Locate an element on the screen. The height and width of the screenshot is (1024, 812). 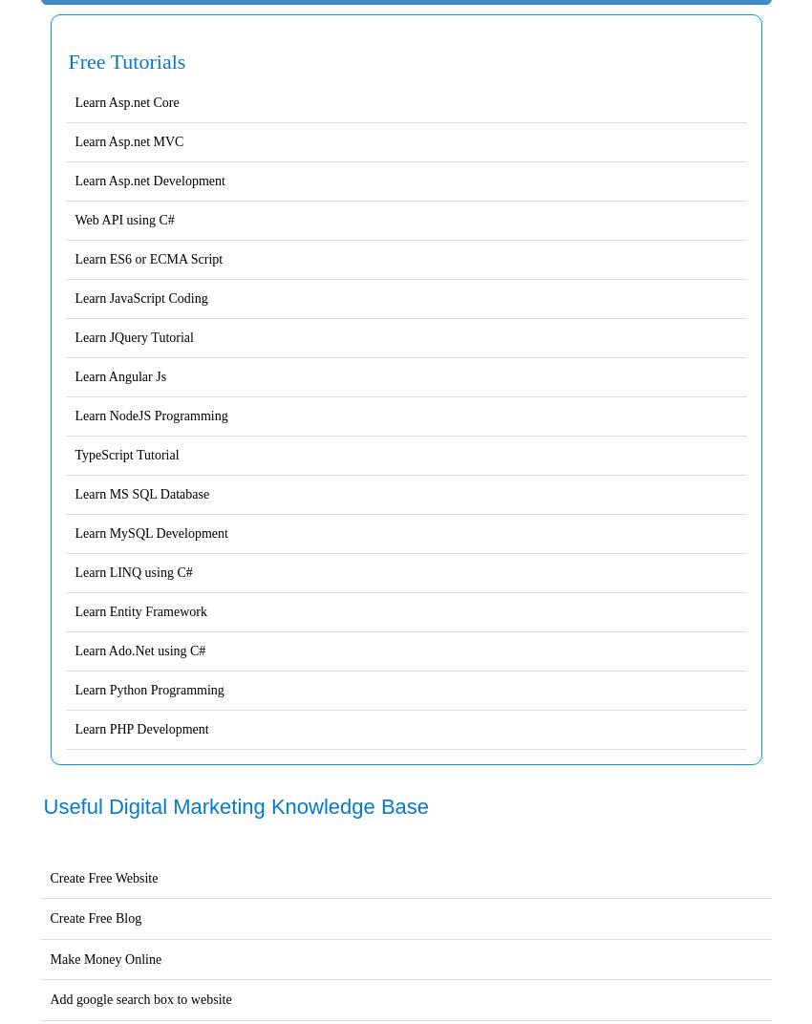
'Free Tutorials' is located at coordinates (126, 60).